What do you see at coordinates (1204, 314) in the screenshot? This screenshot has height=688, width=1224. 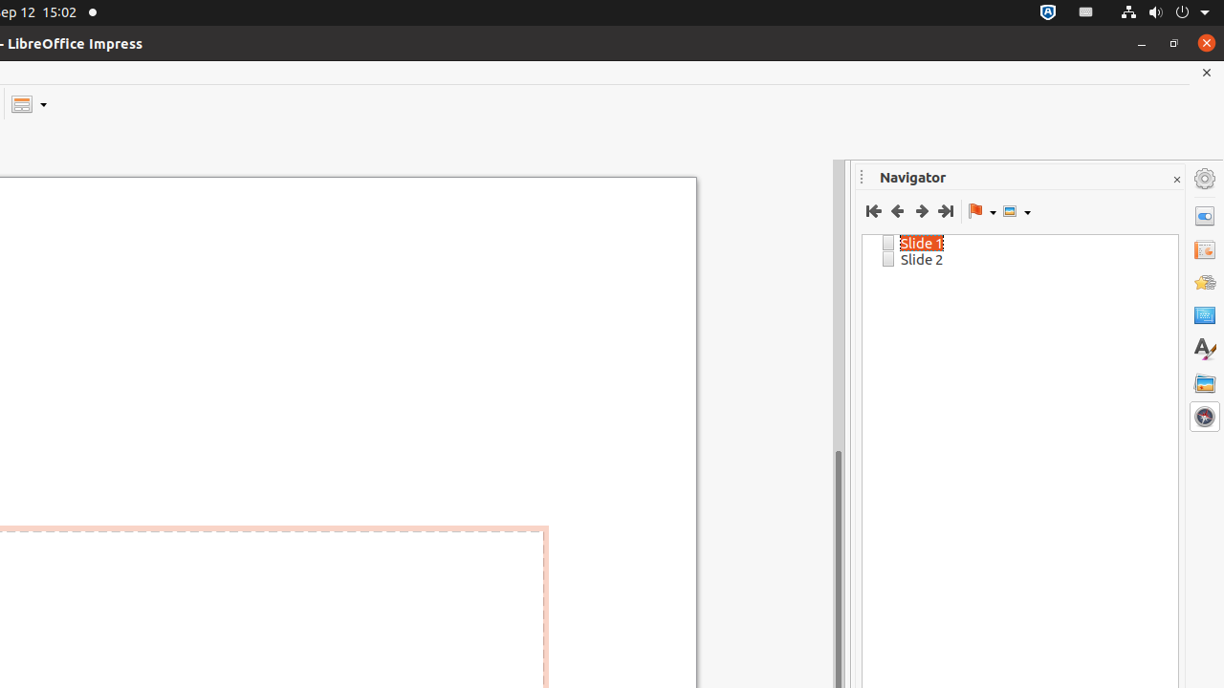 I see `'Master Slides'` at bounding box center [1204, 314].